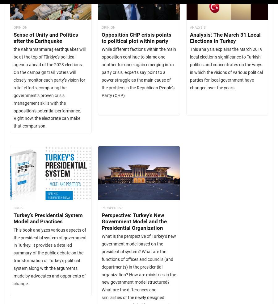  I want to click on 'Opposition CHP crisis points to political plot within party', so click(136, 37).